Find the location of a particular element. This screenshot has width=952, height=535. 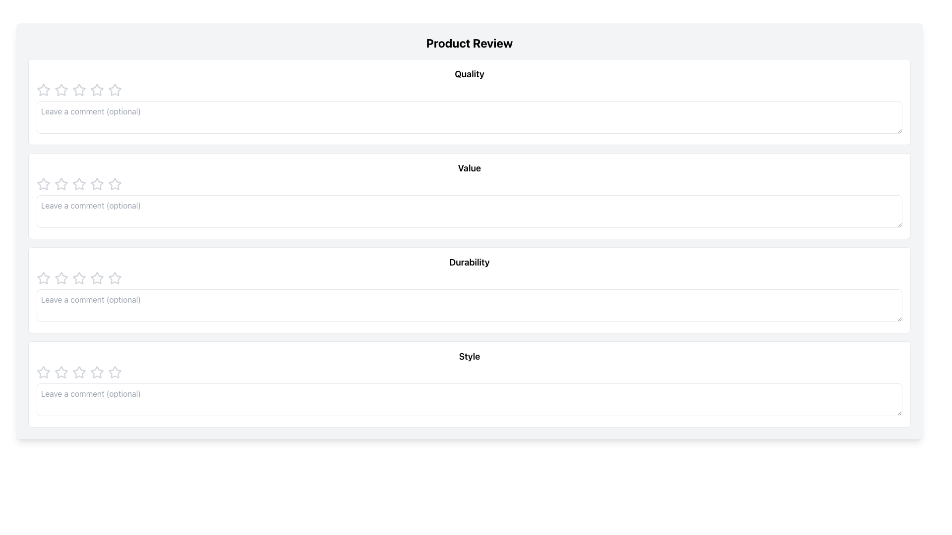

the first star icon is located at coordinates (43, 278).